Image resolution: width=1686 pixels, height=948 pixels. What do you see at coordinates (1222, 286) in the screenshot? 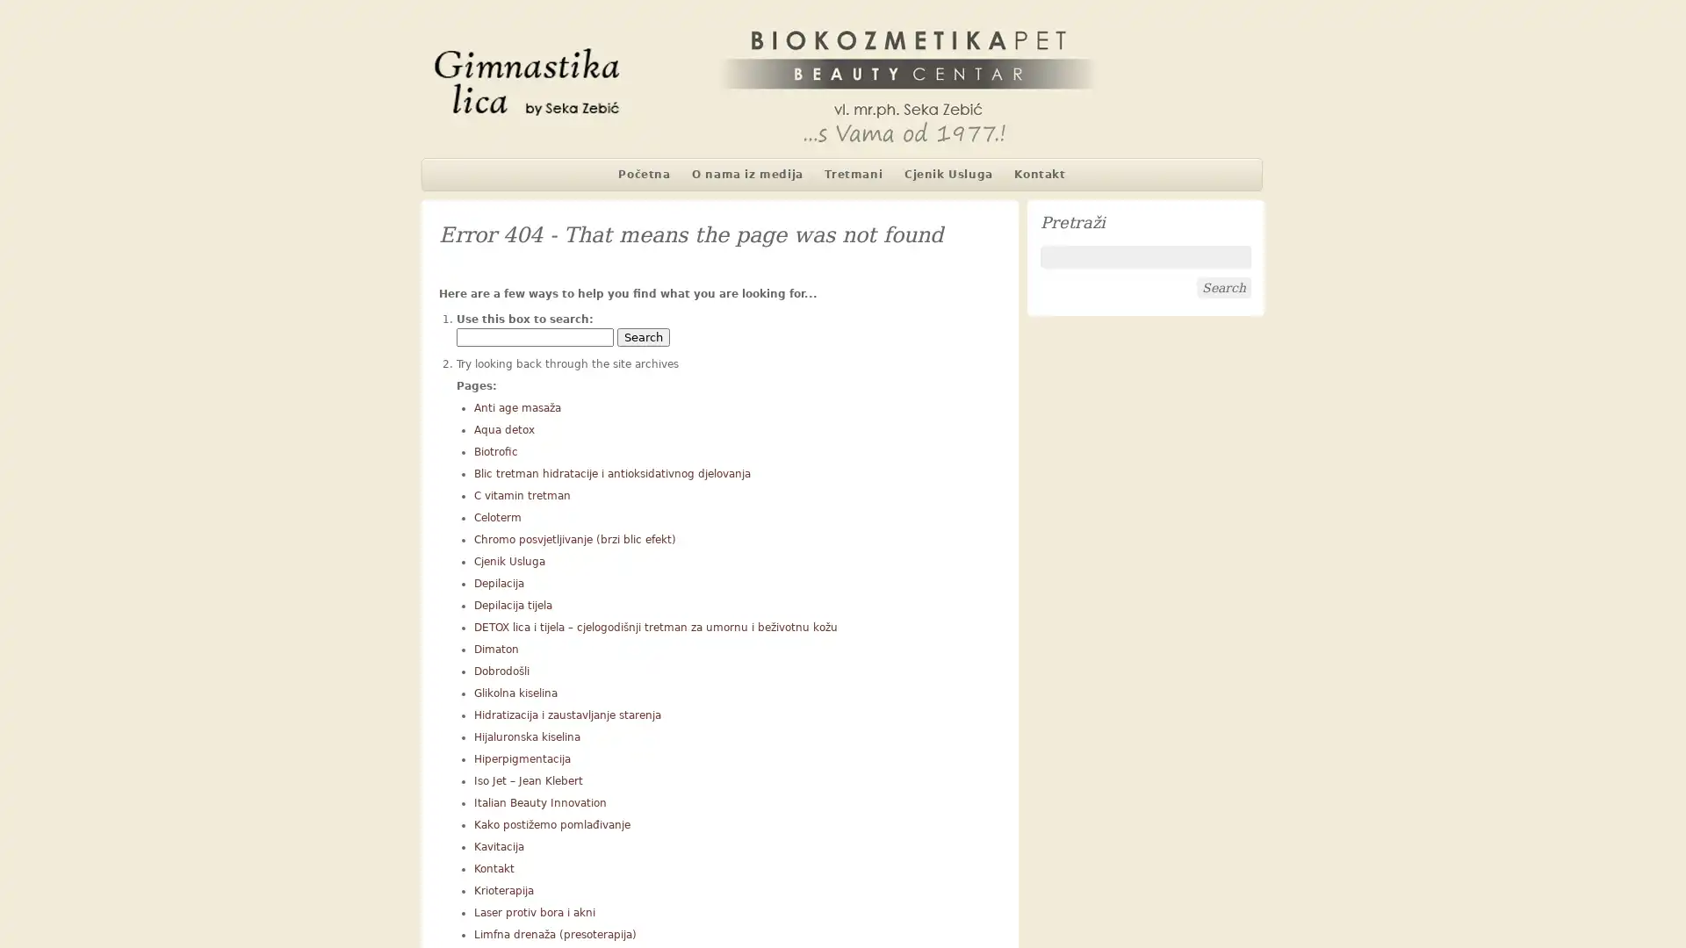
I see `Search` at bounding box center [1222, 286].